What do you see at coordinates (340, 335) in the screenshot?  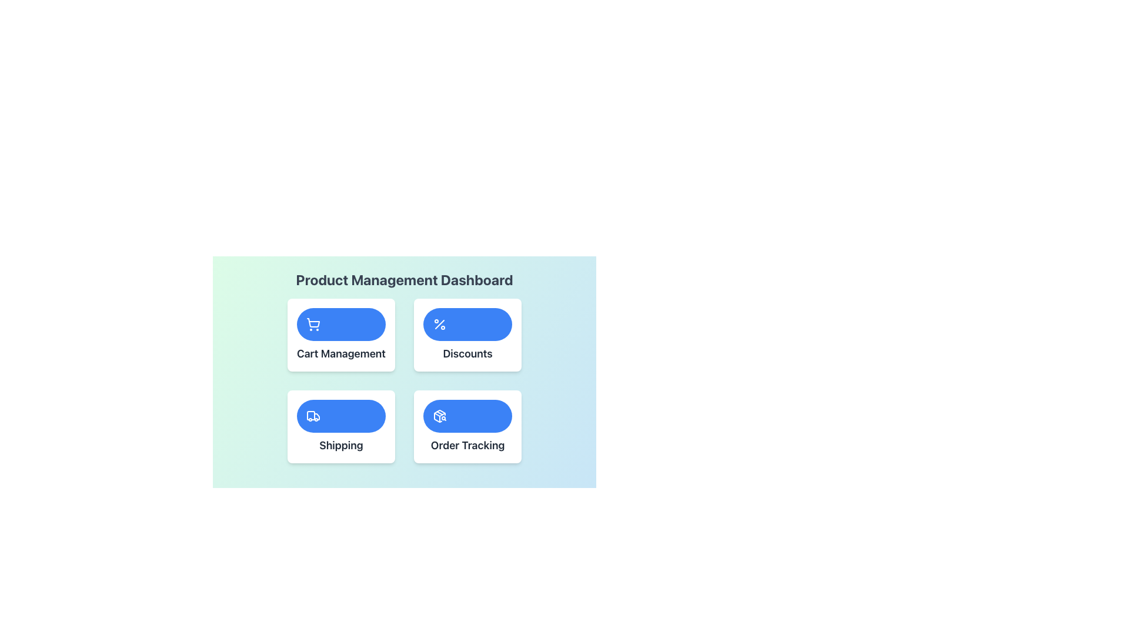 I see `the clickable card element labeled 'Cart Management' which is styled in white with a blue circular shopping cart icon located in the top-left section of the Product Management Dashboard` at bounding box center [340, 335].